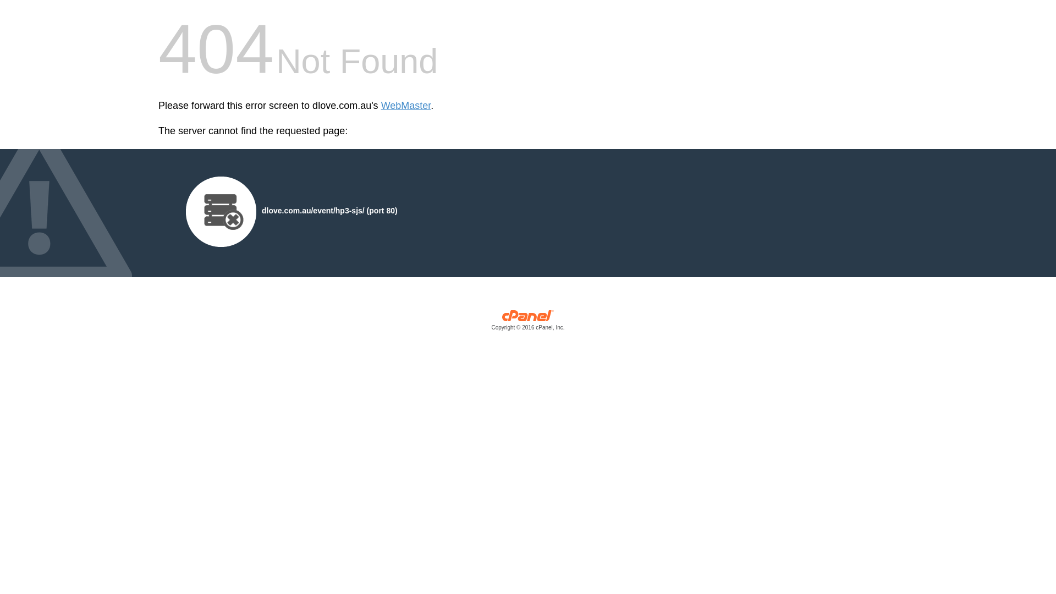  I want to click on 'WebMaster', so click(405, 106).